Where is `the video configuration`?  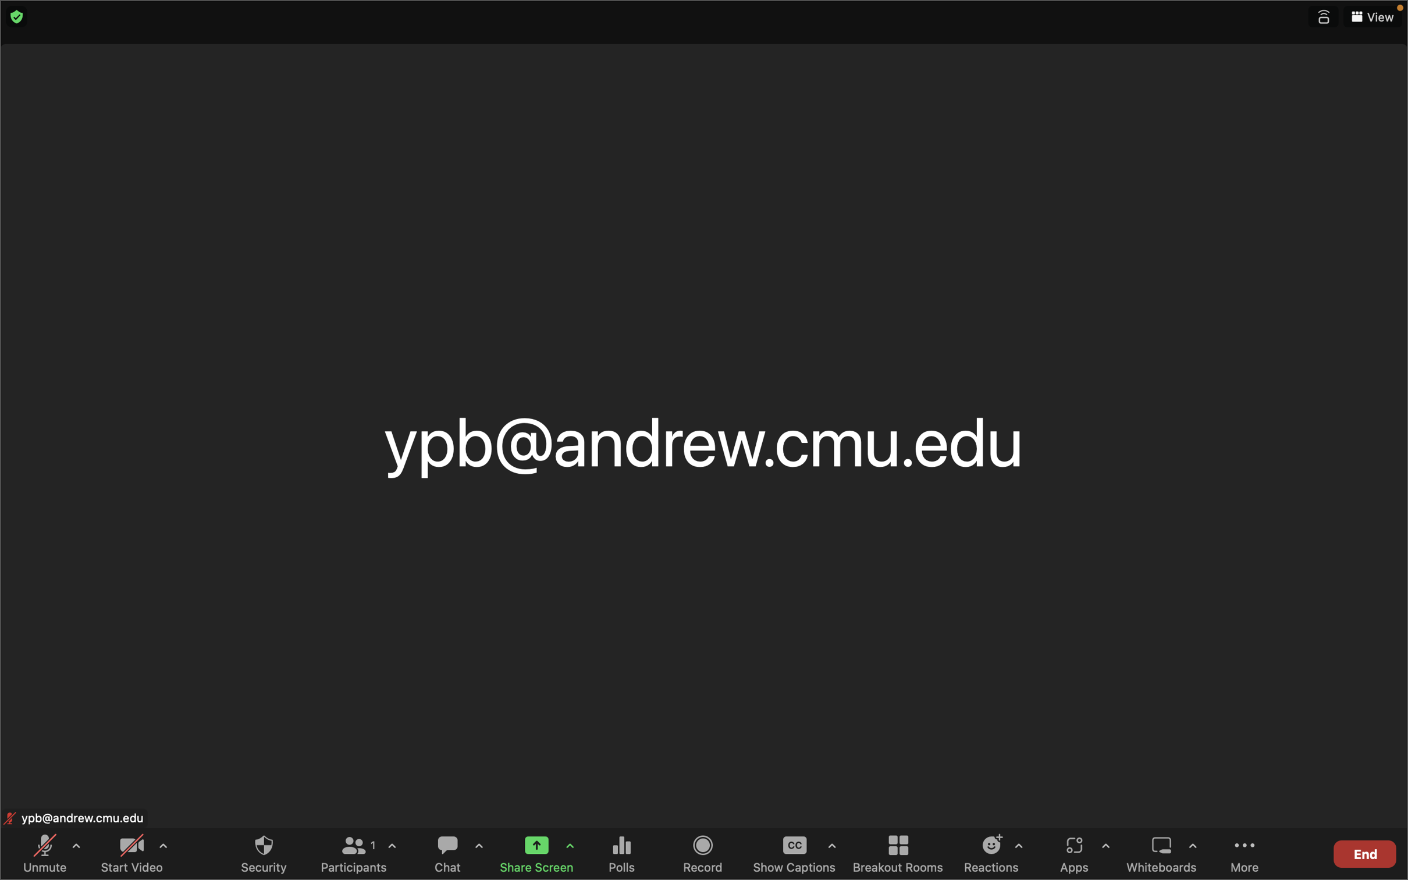
the video configuration is located at coordinates (162, 850).